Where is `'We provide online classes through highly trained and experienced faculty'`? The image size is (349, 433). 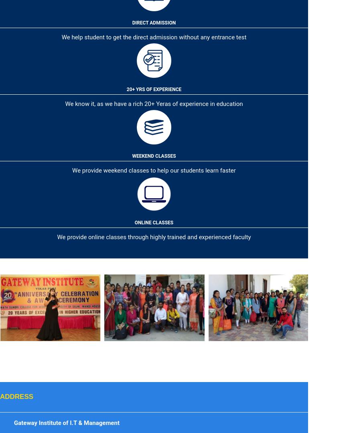 'We provide online classes through highly trained and experienced faculty' is located at coordinates (154, 237).